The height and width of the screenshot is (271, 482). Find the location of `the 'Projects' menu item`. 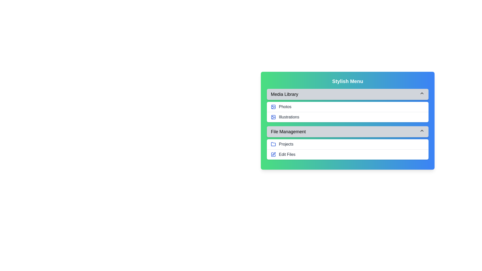

the 'Projects' menu item is located at coordinates (286, 144).